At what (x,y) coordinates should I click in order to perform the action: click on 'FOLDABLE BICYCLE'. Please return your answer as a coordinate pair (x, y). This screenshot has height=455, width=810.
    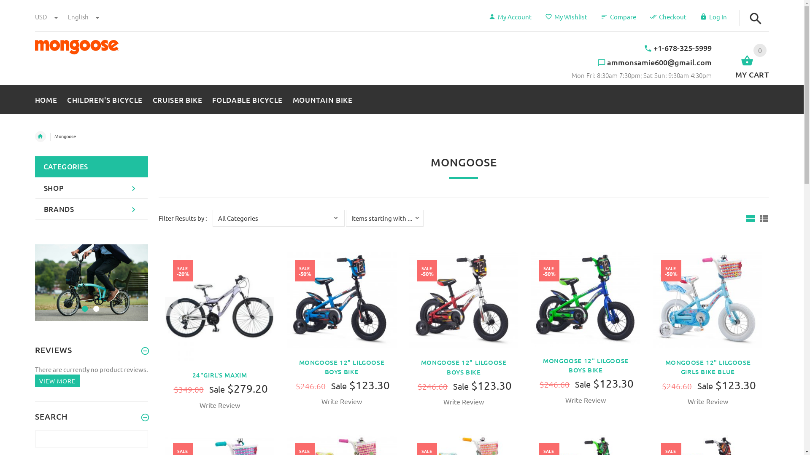
    Looking at the image, I should click on (247, 97).